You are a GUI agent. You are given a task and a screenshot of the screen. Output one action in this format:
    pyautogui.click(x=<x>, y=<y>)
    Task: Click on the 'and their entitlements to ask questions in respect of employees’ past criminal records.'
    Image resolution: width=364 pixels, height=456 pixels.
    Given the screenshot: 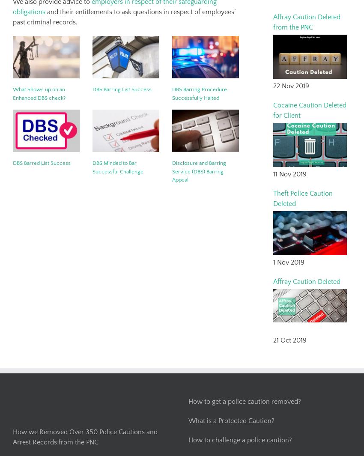 What is the action you would take?
    pyautogui.click(x=123, y=17)
    